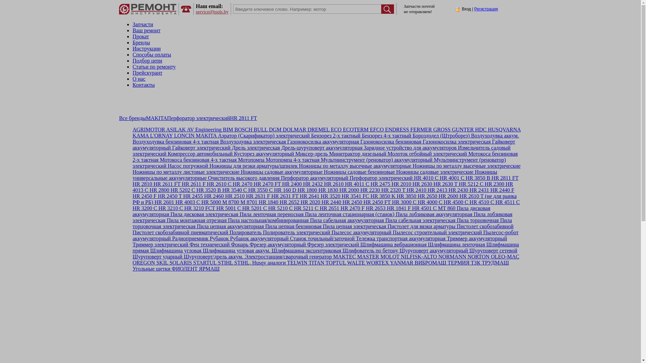 The width and height of the screenshot is (646, 363). Describe the element at coordinates (180, 184) in the screenshot. I see `'HR 2611 F'` at that location.